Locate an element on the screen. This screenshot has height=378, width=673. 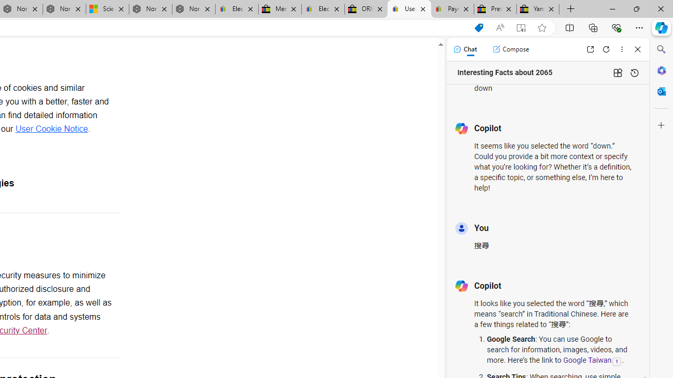
'User Privacy Notice | eBay' is located at coordinates (409, 9).